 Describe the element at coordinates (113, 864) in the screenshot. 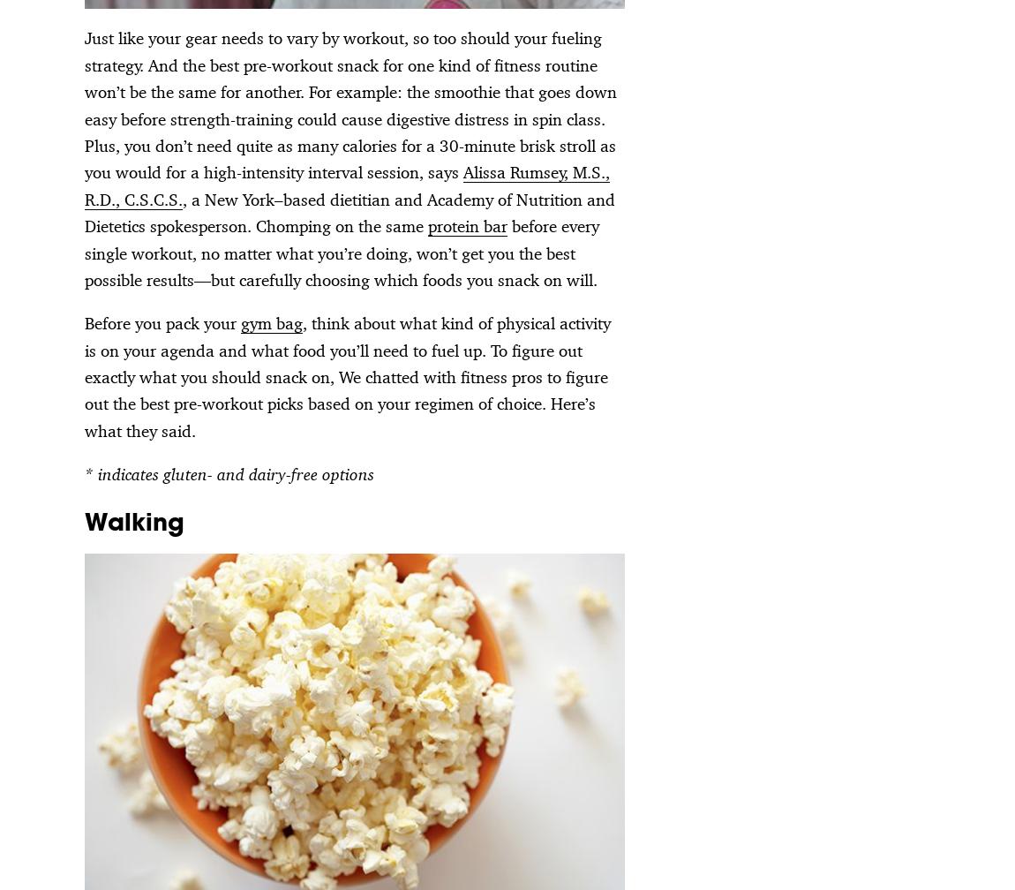

I see `'A Part of Hearst Digital Media'` at that location.